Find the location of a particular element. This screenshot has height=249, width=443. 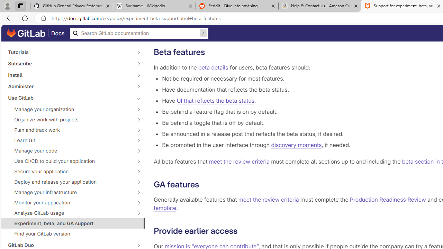

'Tutorials' is located at coordinates (69, 52).